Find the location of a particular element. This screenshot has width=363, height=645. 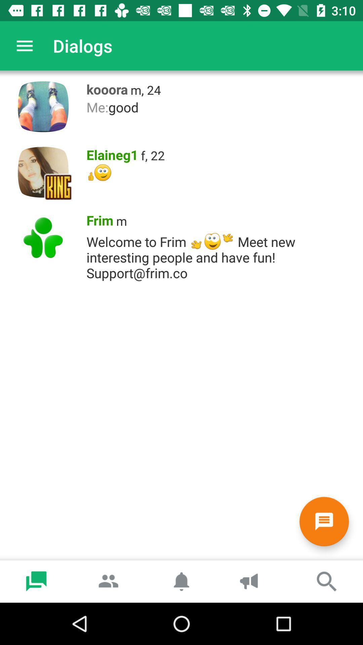

the elaineg1 is located at coordinates (110, 153).